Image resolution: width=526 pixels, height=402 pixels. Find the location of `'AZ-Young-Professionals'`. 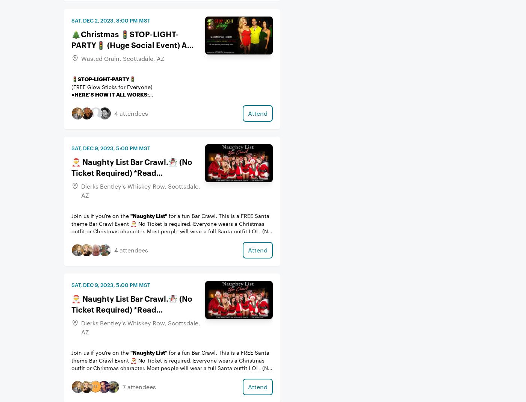

'AZ-Young-Professionals' is located at coordinates (184, 29).